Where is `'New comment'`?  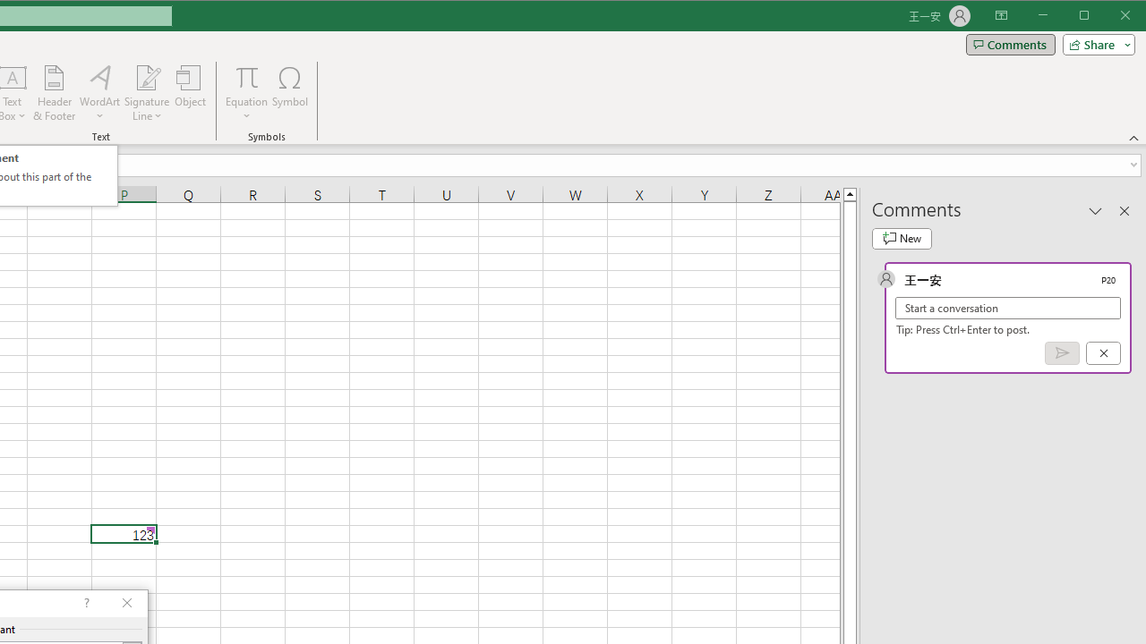 'New comment' is located at coordinates (902, 238).